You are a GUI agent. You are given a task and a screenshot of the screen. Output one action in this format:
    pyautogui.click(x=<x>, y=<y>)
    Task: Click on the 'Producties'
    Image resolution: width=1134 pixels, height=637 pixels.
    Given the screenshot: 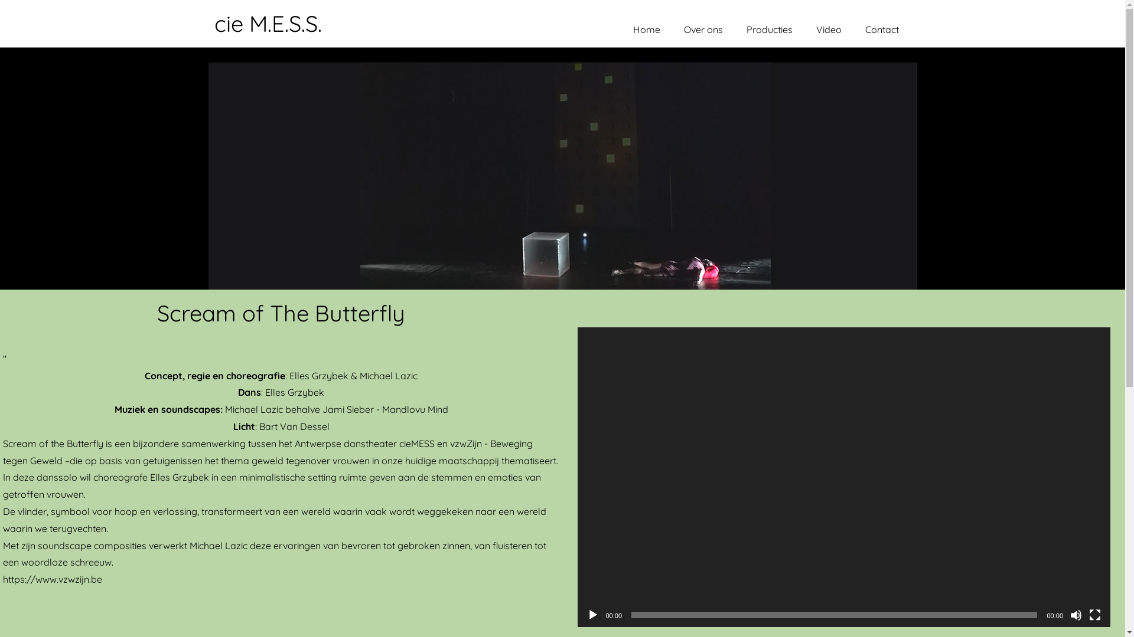 What is the action you would take?
    pyautogui.click(x=769, y=29)
    